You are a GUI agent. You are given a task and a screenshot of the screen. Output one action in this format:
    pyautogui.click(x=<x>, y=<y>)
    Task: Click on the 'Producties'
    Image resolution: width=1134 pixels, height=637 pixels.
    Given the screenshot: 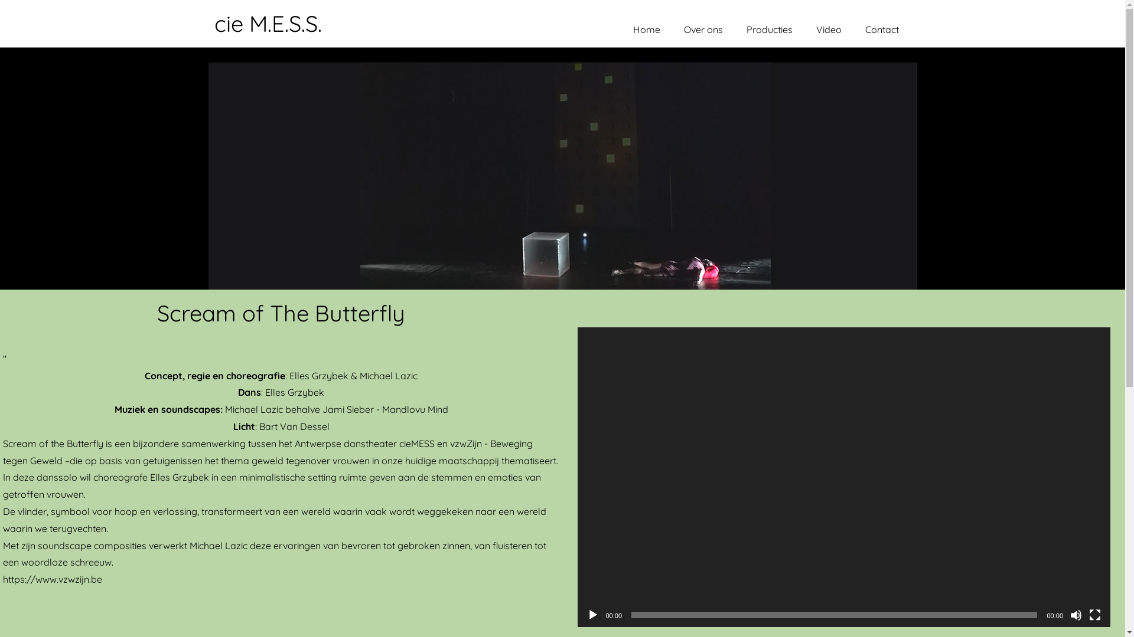 What is the action you would take?
    pyautogui.click(x=769, y=29)
    